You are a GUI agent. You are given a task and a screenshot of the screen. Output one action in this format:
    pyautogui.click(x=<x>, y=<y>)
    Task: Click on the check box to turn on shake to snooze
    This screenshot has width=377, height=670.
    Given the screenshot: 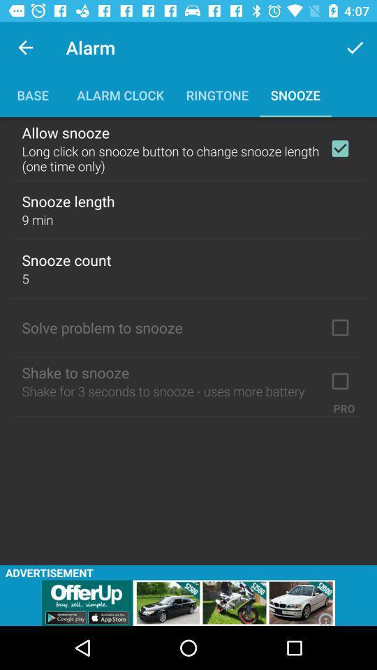 What is the action you would take?
    pyautogui.click(x=339, y=381)
    